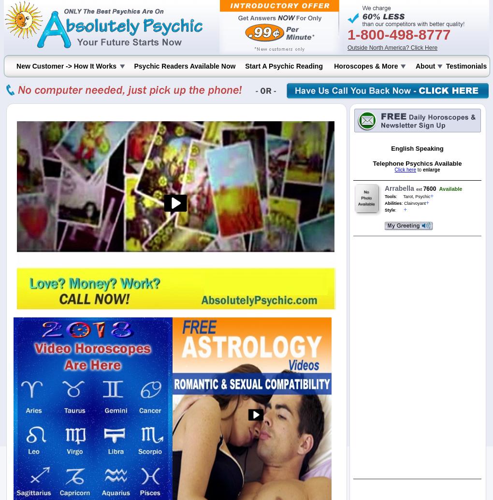 The height and width of the screenshot is (500, 493). What do you see at coordinates (133, 66) in the screenshot?
I see `'Psychic 
            Readers Available Now'` at bounding box center [133, 66].